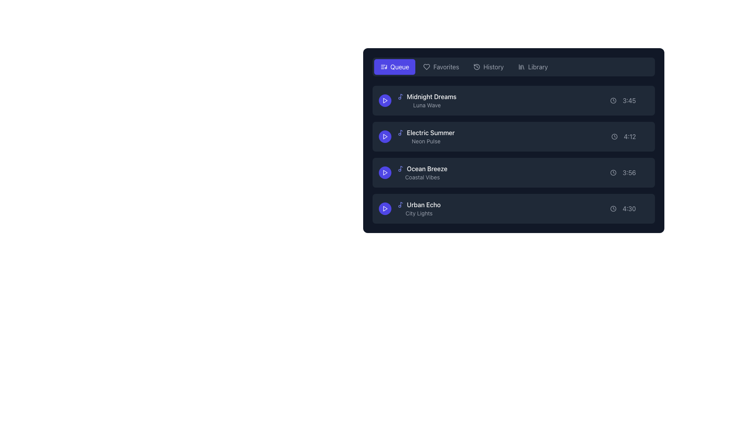 The width and height of the screenshot is (753, 423). I want to click on the music-related icon located in the last row entry of the list of songs, positioned to the left of the song title 'Urban Echo', so click(401, 204).